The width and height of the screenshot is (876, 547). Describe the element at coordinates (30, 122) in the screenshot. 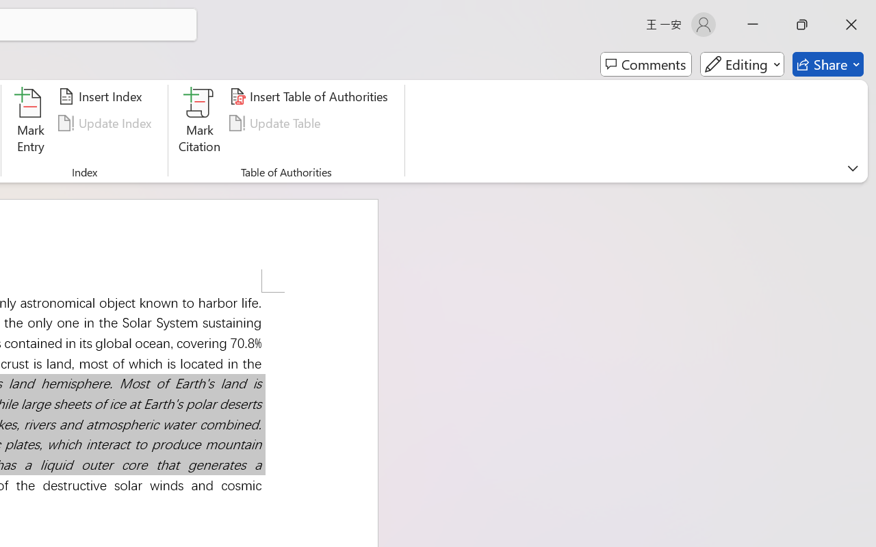

I see `'Mark Entry...'` at that location.